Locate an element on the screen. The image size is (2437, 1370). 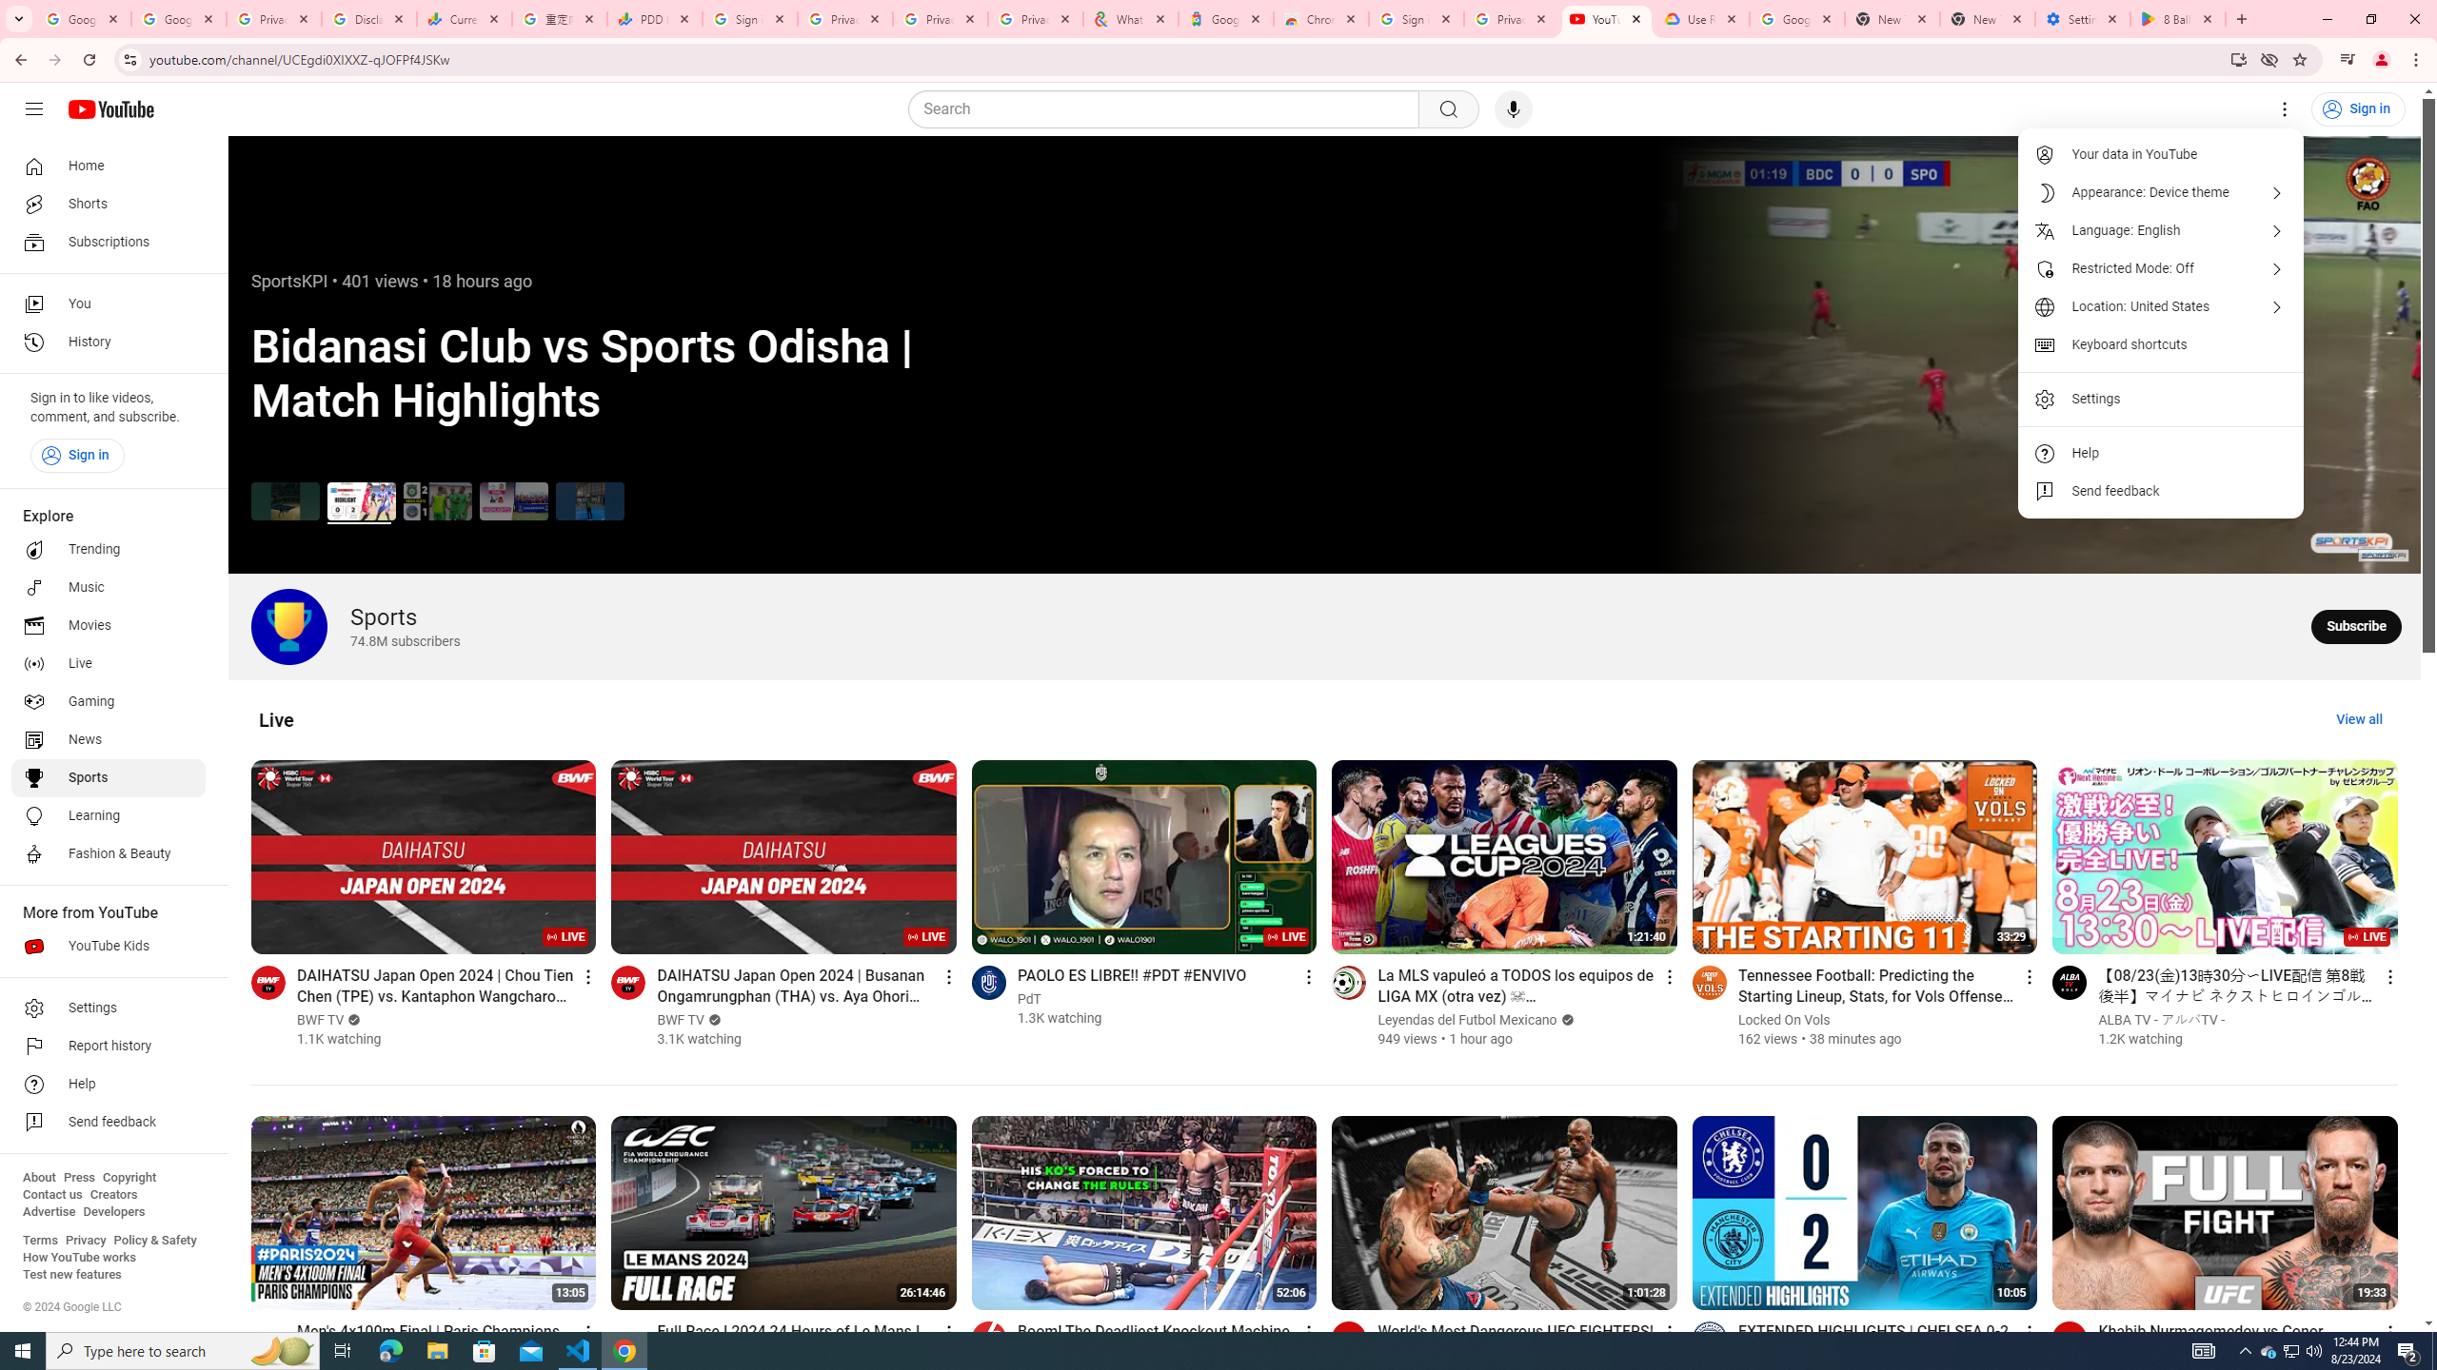
'Settings - System' is located at coordinates (2083, 18).